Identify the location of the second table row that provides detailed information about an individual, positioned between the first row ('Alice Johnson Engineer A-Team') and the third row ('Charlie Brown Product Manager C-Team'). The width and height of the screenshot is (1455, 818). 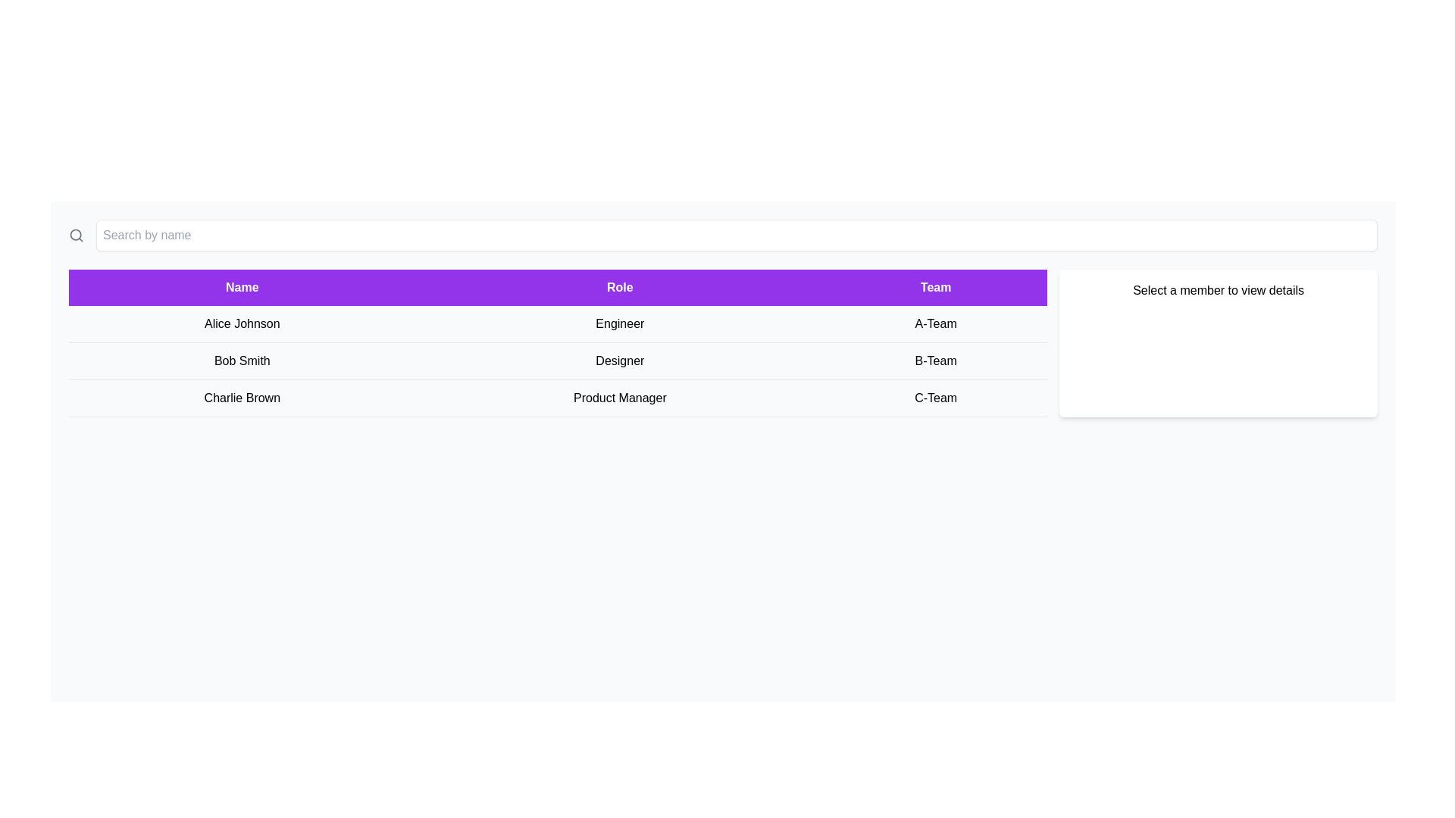
(557, 361).